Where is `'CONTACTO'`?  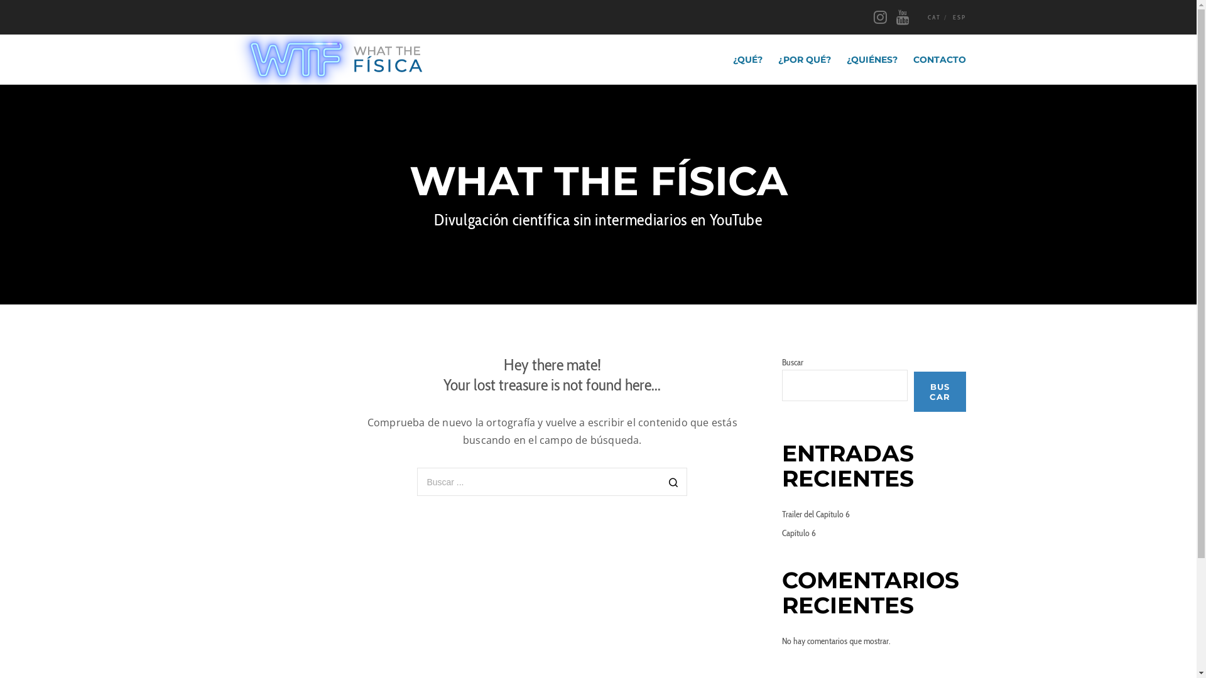 'CONTACTO' is located at coordinates (931, 60).